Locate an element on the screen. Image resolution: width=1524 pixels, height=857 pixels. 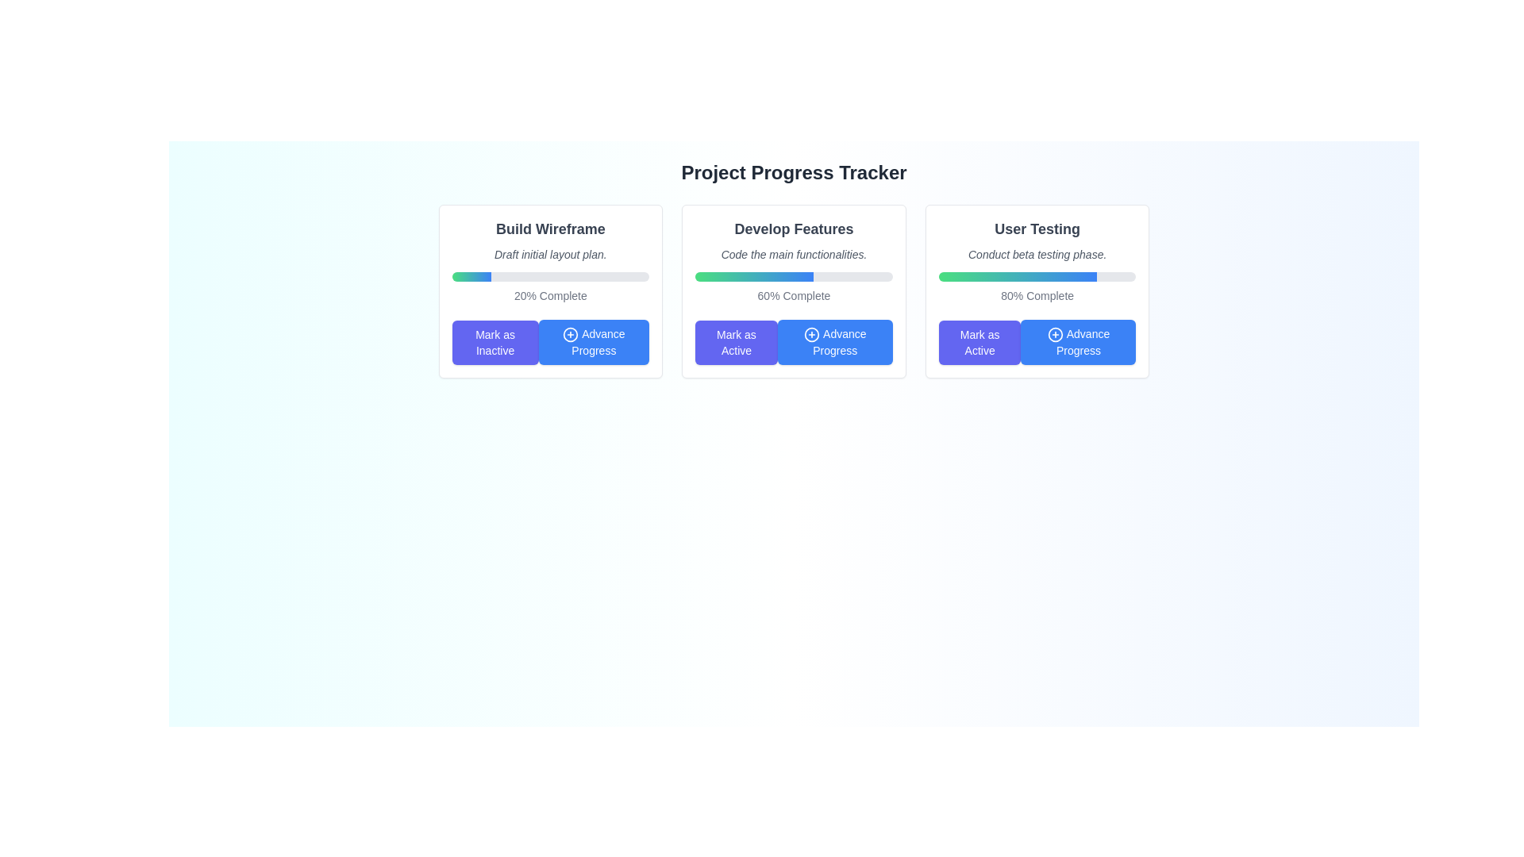
the small colored segment of the progress indicator bar within the 'Build Wireframe' card to visually represent the task progress is located at coordinates (471, 275).